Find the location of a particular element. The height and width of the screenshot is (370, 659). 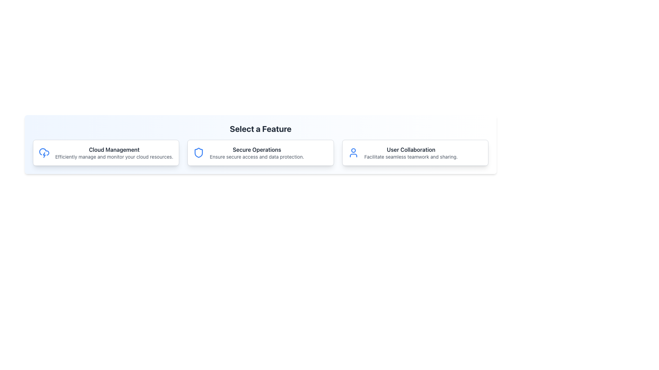

the Text Label that describes the 'User Collaboration' feature, positioned below the title text in the rightmost card of the feature list is located at coordinates (411, 157).